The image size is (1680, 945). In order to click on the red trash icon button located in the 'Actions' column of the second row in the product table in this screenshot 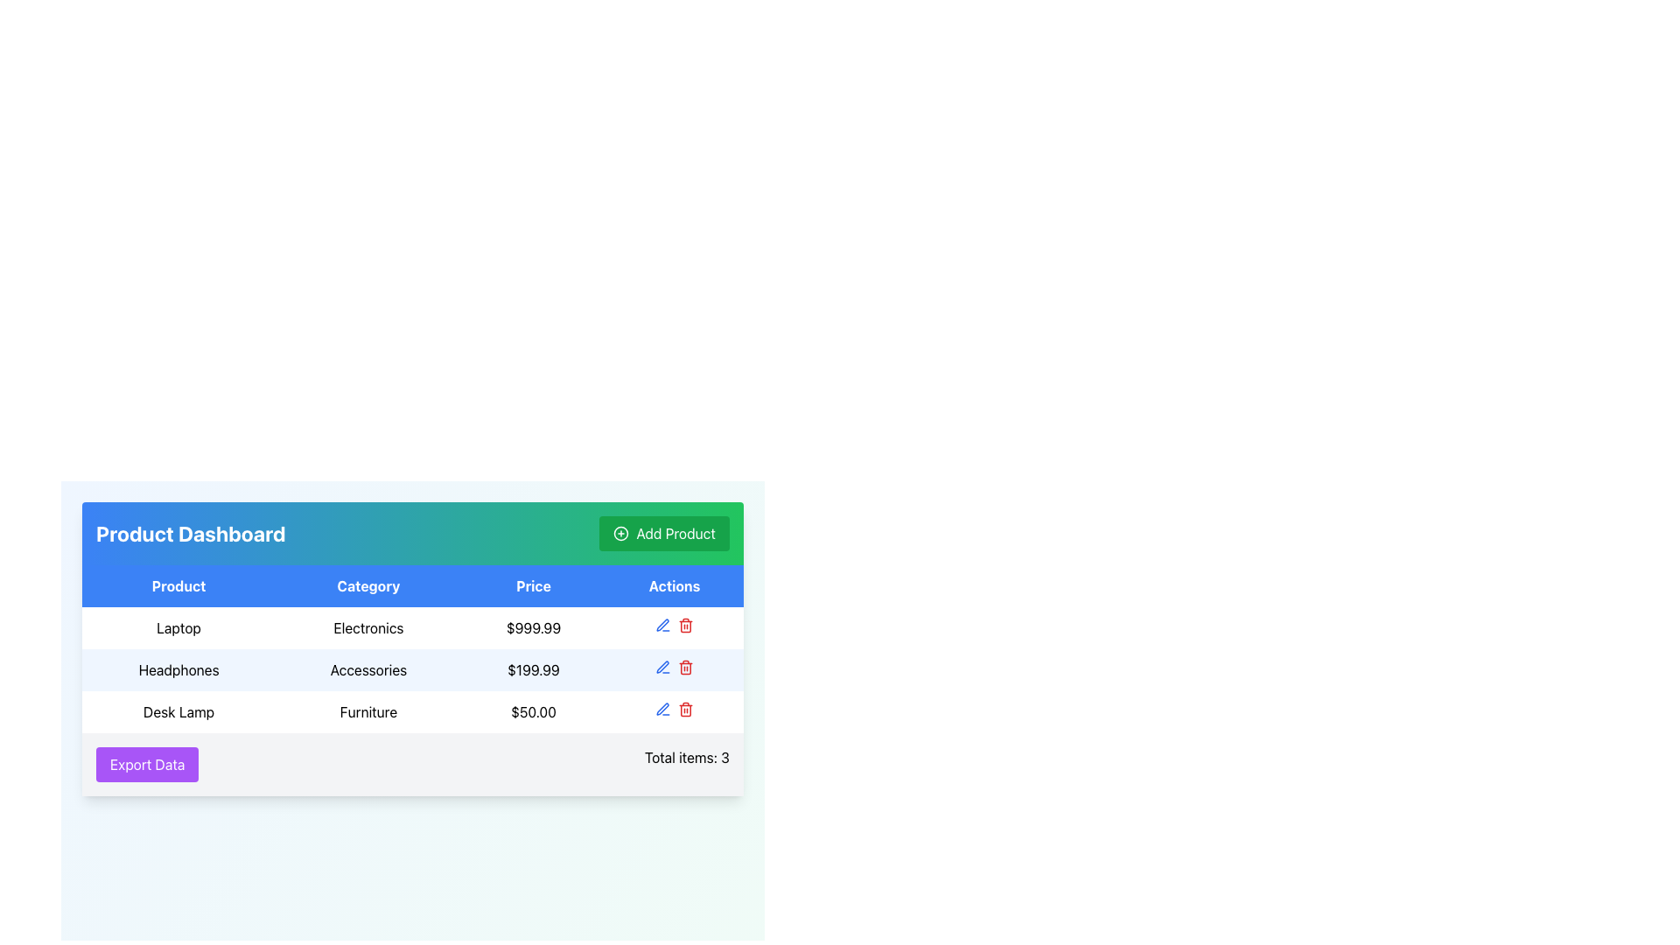, I will do `click(684, 624)`.